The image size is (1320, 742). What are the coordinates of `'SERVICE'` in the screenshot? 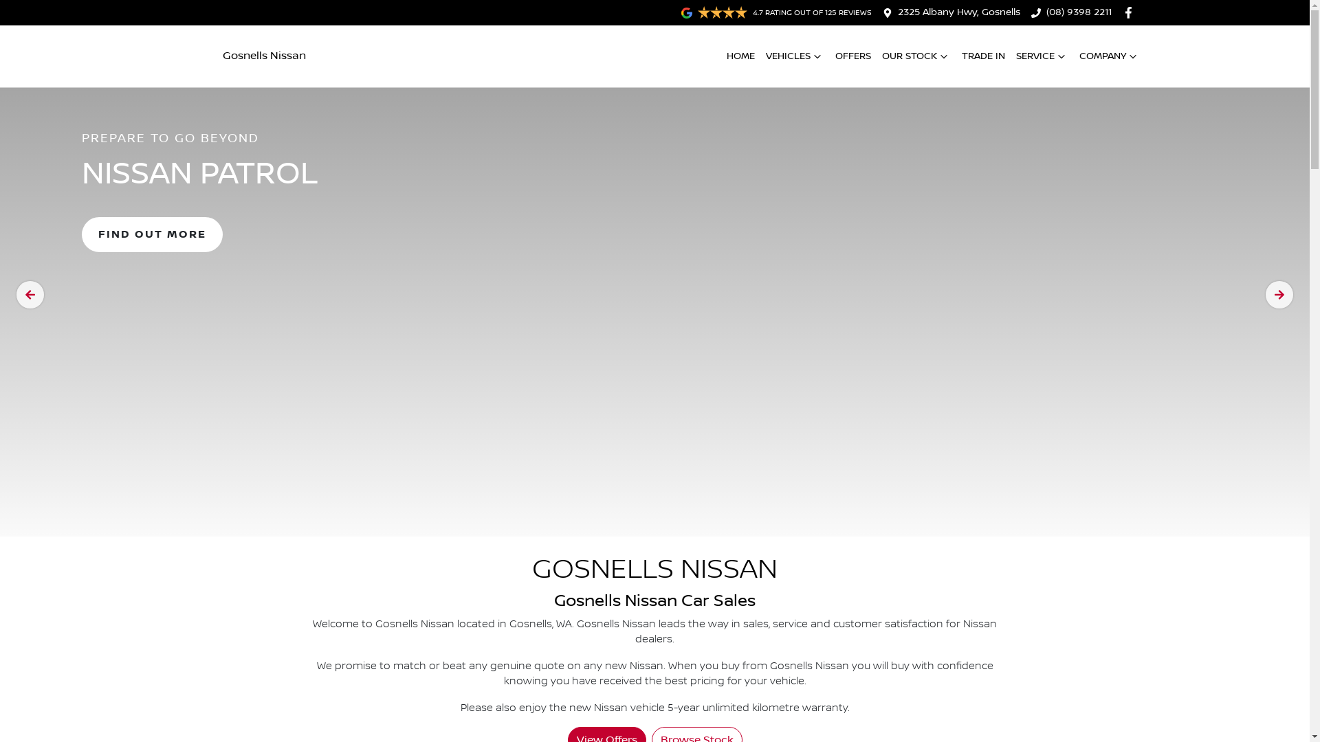 It's located at (1042, 56).